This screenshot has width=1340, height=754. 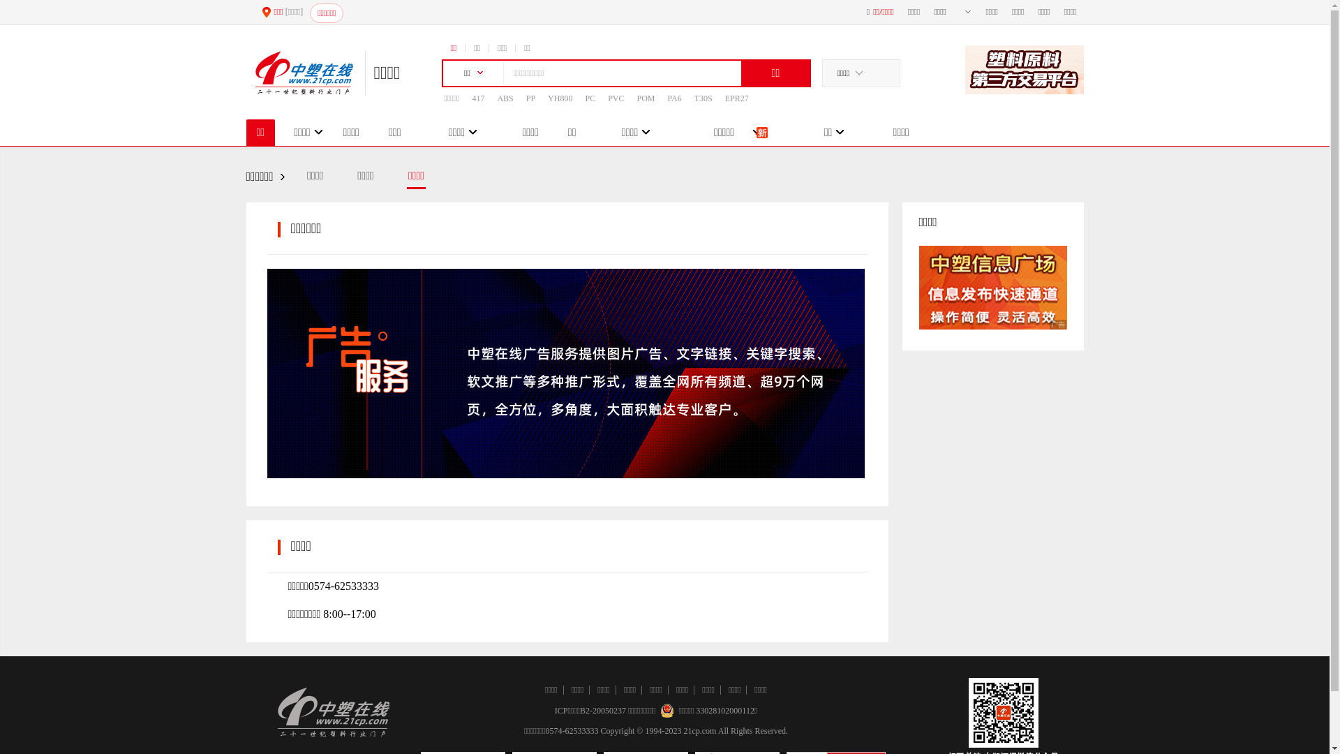 What do you see at coordinates (615, 98) in the screenshot?
I see `'PVC'` at bounding box center [615, 98].